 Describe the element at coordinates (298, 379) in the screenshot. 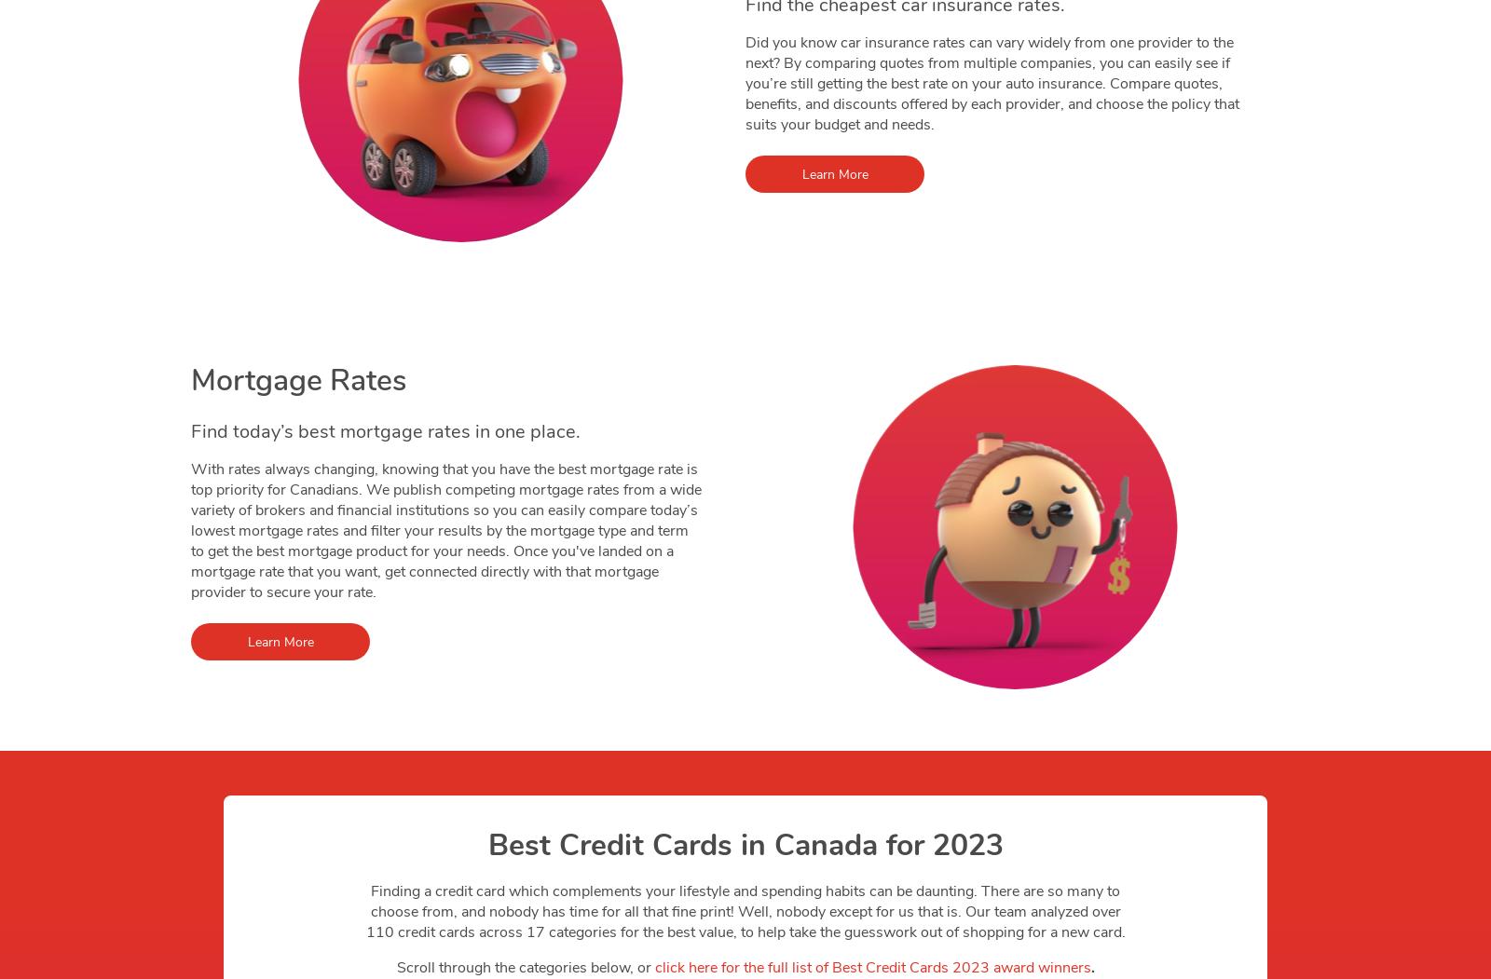

I see `'Mortgage Rates'` at that location.